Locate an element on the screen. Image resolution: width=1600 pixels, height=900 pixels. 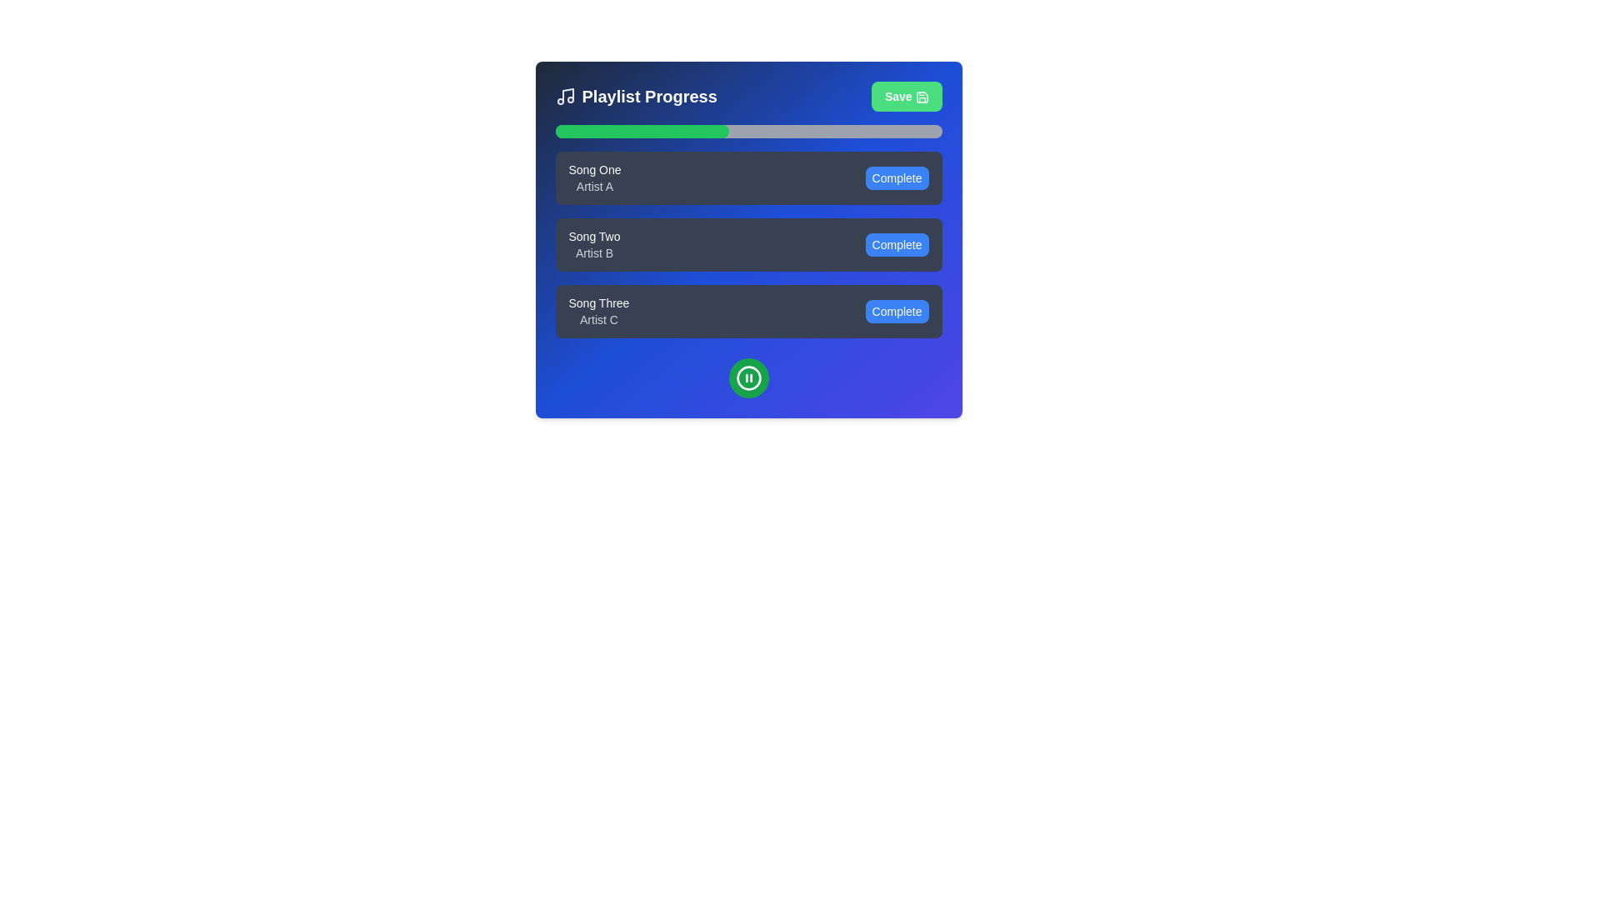
the button on the far-right side of the 'Song Three' entry to mark it as complete is located at coordinates (896, 312).